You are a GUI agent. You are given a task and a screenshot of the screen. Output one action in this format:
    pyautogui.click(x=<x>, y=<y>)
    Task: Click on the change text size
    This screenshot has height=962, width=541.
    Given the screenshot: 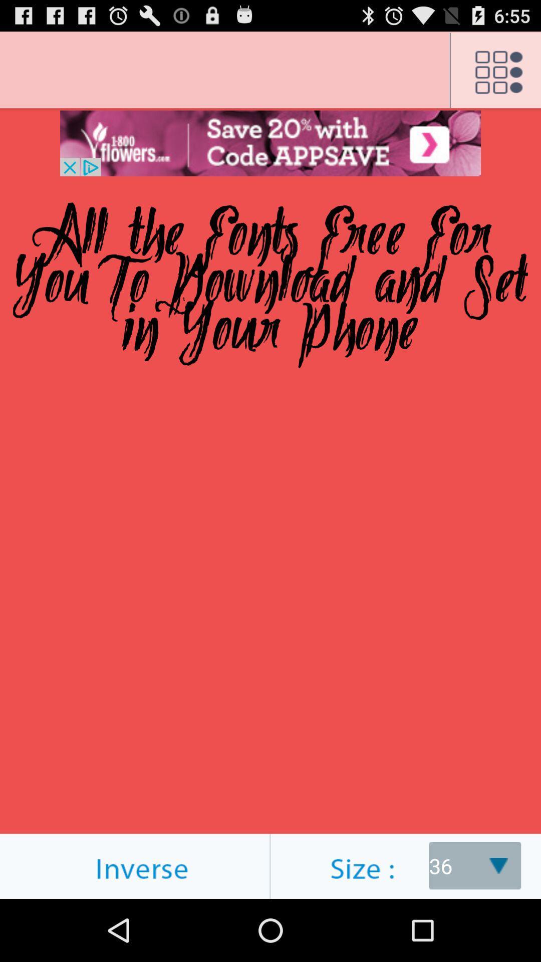 What is the action you would take?
    pyautogui.click(x=406, y=865)
    